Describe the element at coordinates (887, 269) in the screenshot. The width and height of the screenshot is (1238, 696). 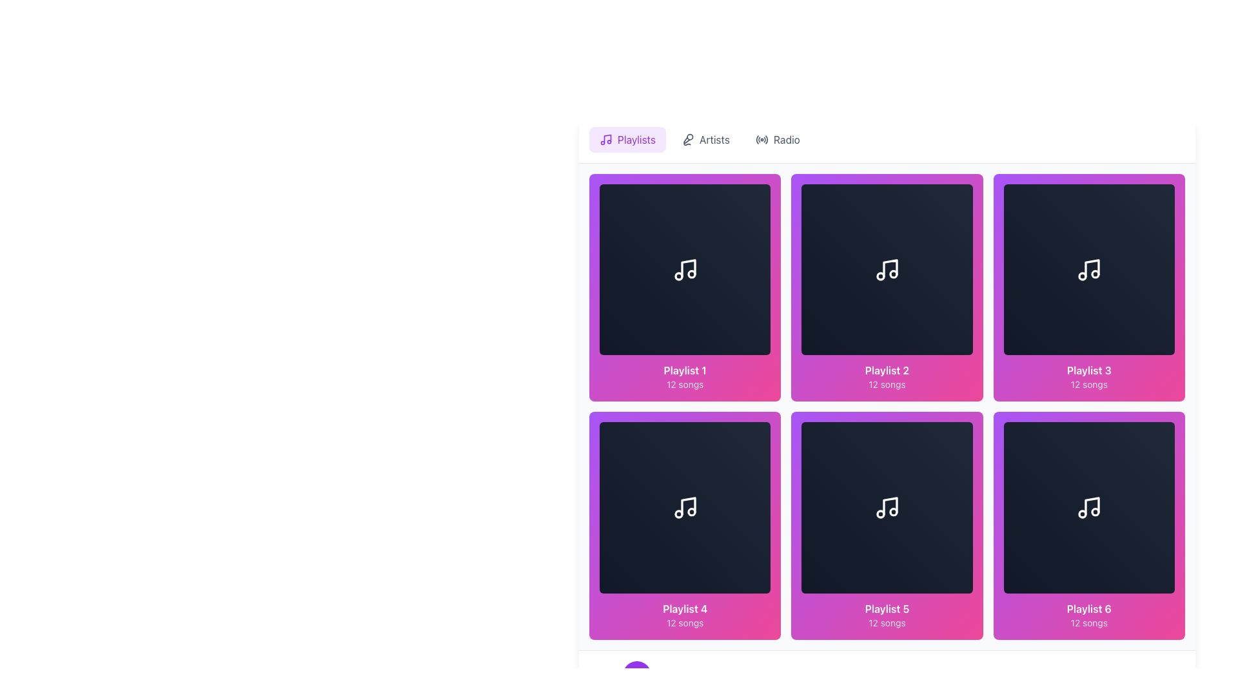
I see `the white musical note icon located in the second tile of the top row in a grid layout` at that location.